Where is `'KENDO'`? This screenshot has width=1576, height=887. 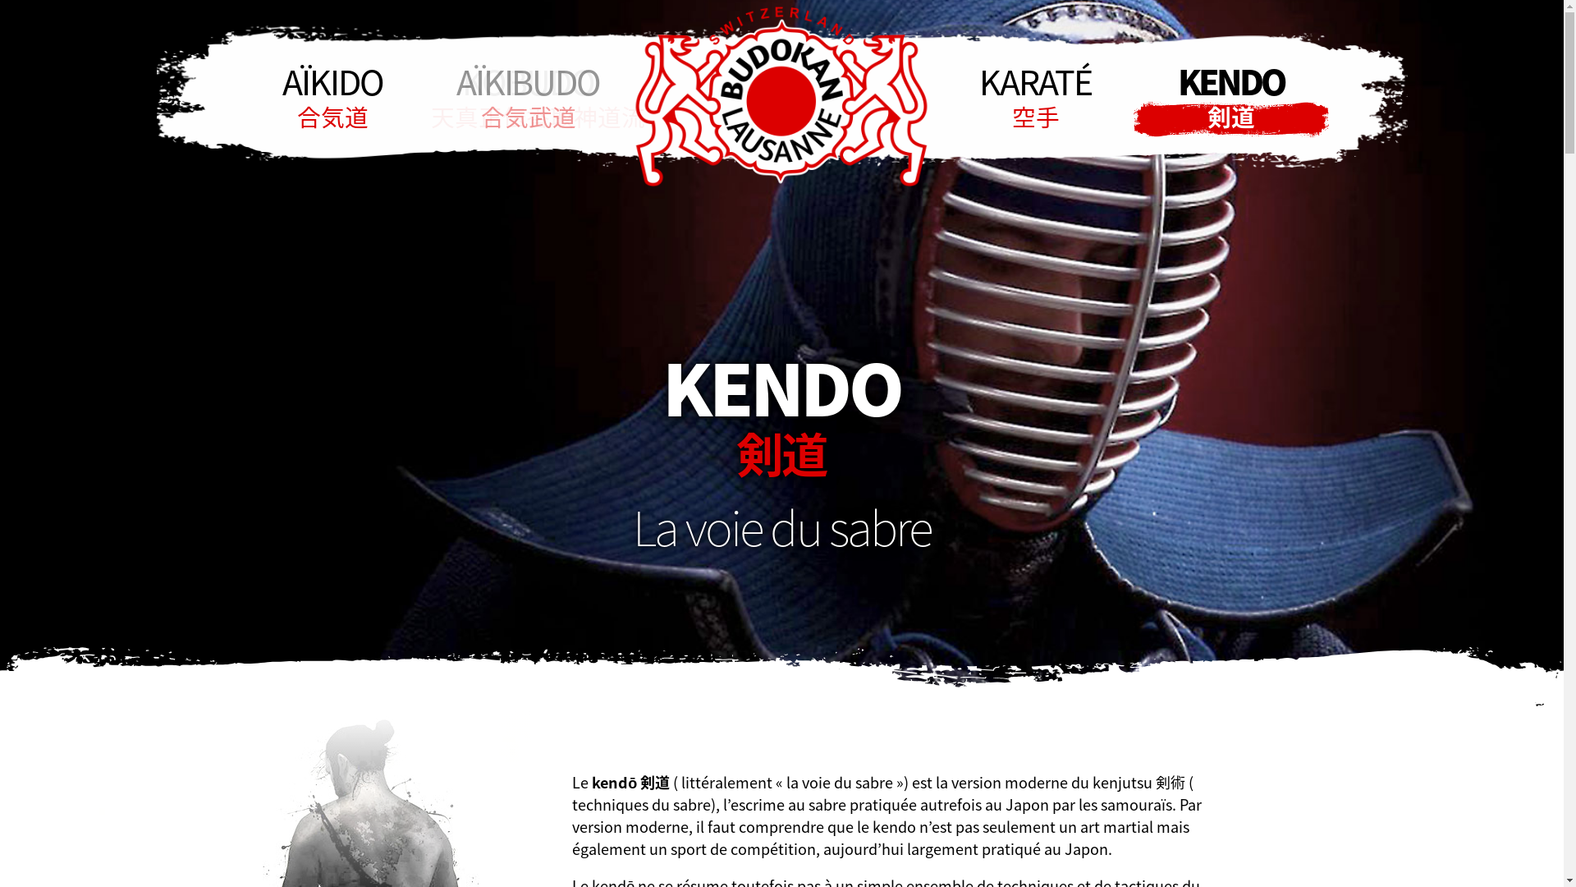
'KENDO' is located at coordinates (1230, 97).